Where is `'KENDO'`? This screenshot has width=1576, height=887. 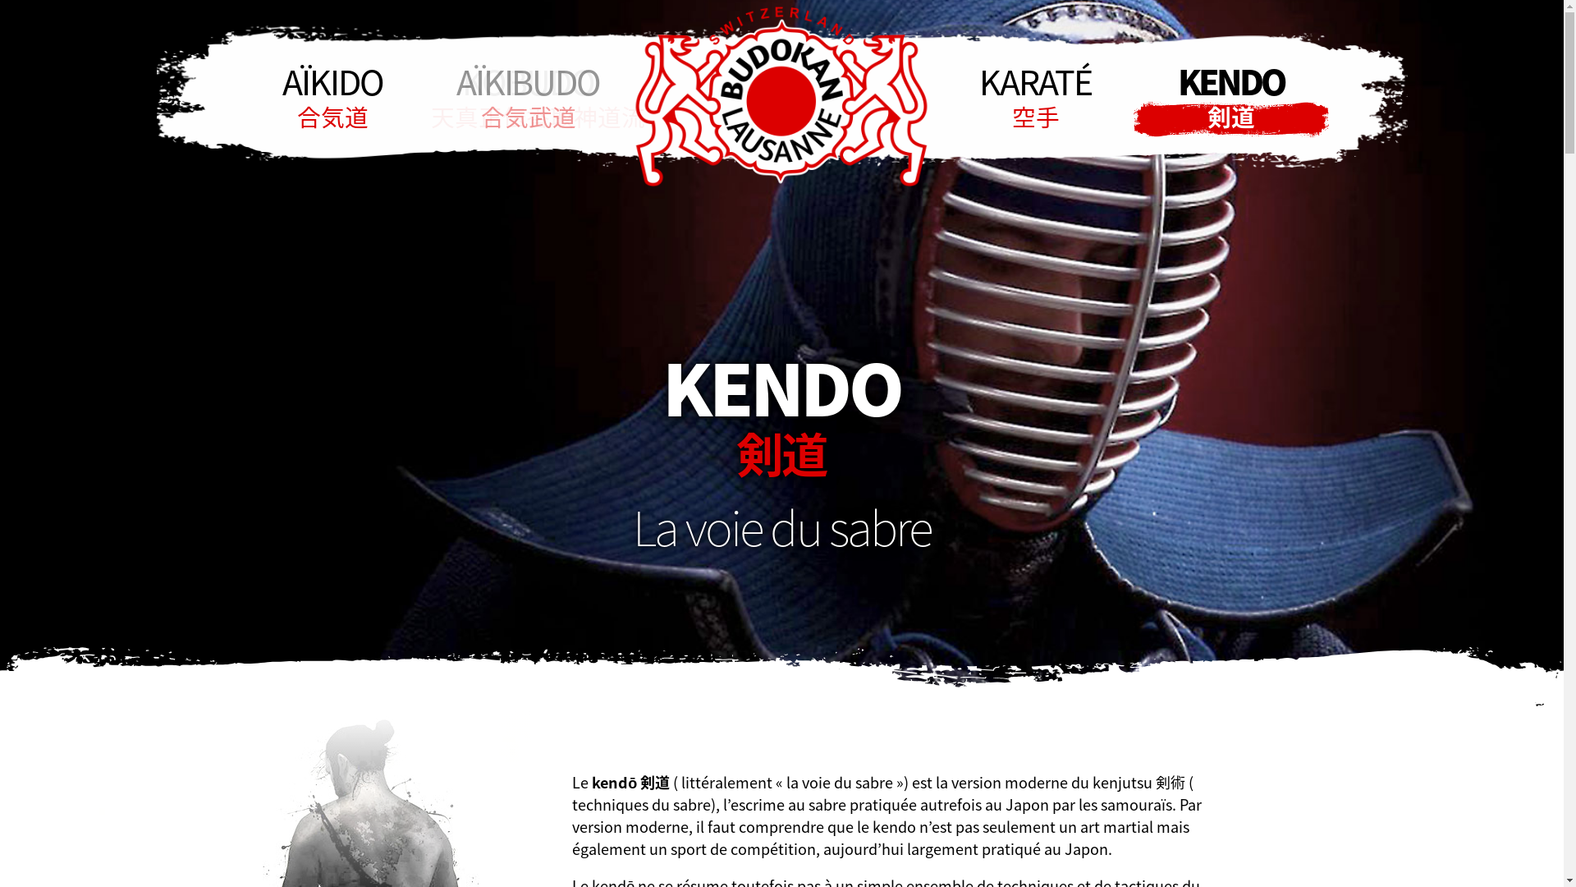
'KENDO' is located at coordinates (1230, 97).